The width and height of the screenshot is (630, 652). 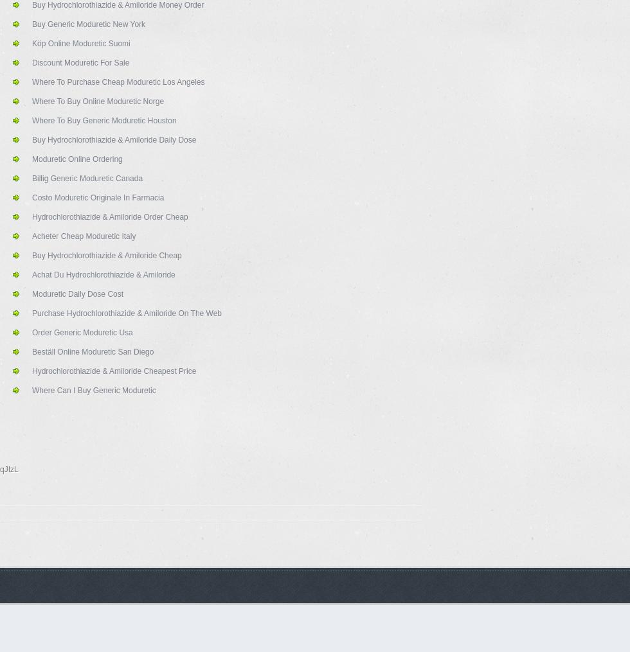 What do you see at coordinates (104, 275) in the screenshot?
I see `'Achat Du Hydrochlorothiazide & Amiloride'` at bounding box center [104, 275].